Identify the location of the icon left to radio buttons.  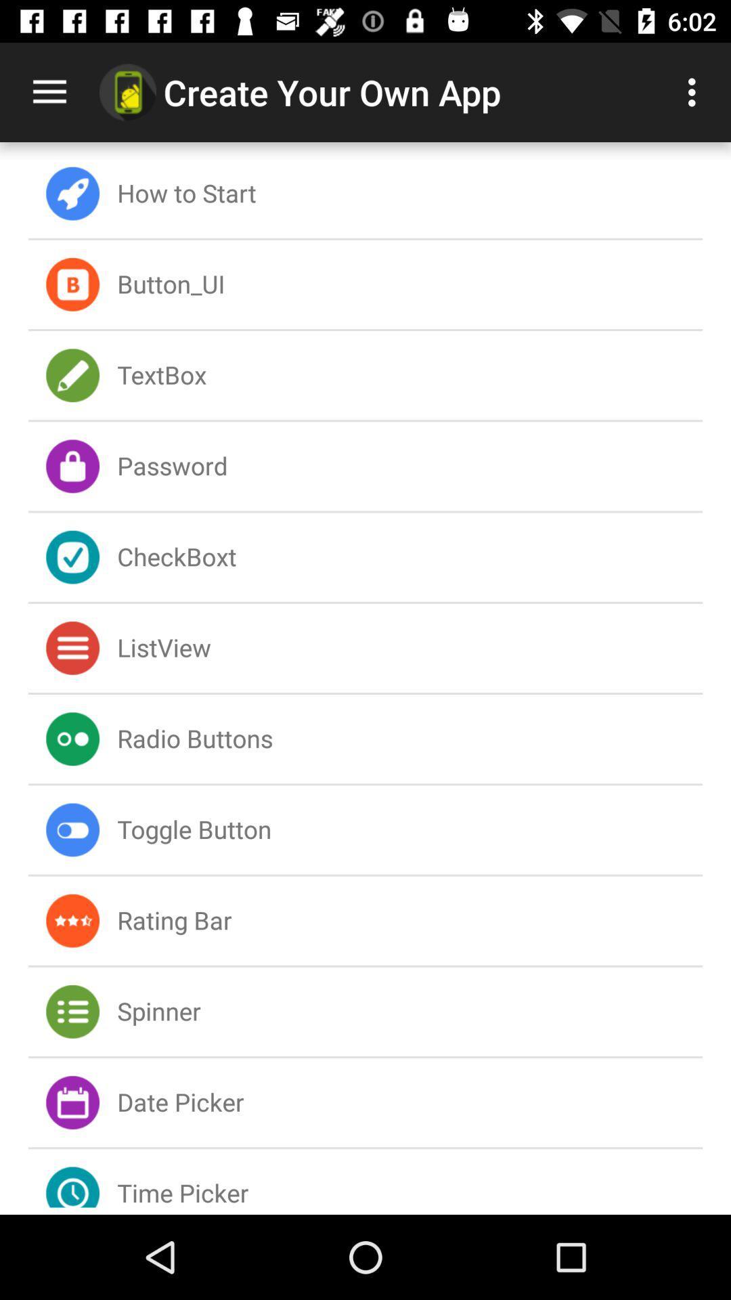
(72, 738).